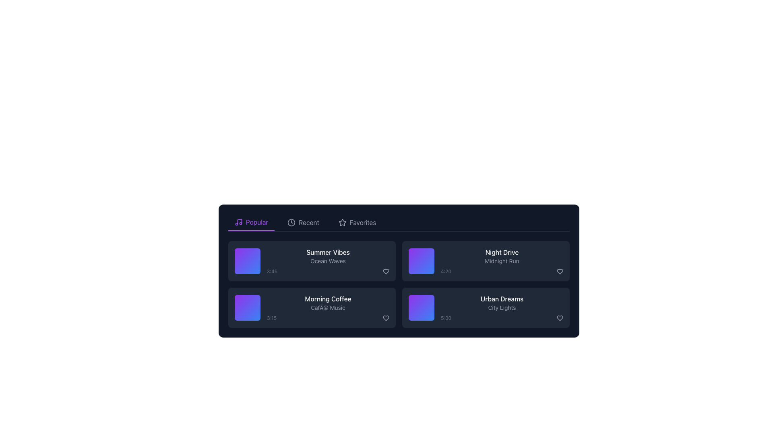 This screenshot has width=773, height=434. Describe the element at coordinates (311, 307) in the screenshot. I see `the 'Morning Coffee' content card` at that location.